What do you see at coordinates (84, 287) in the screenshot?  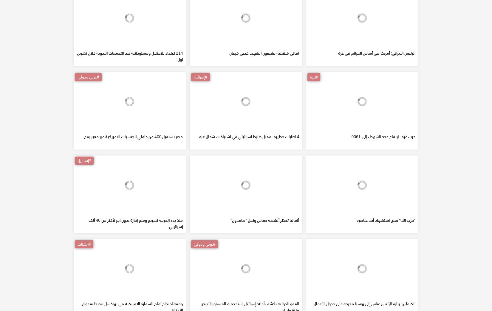 I see `'#الشتات'` at bounding box center [84, 287].